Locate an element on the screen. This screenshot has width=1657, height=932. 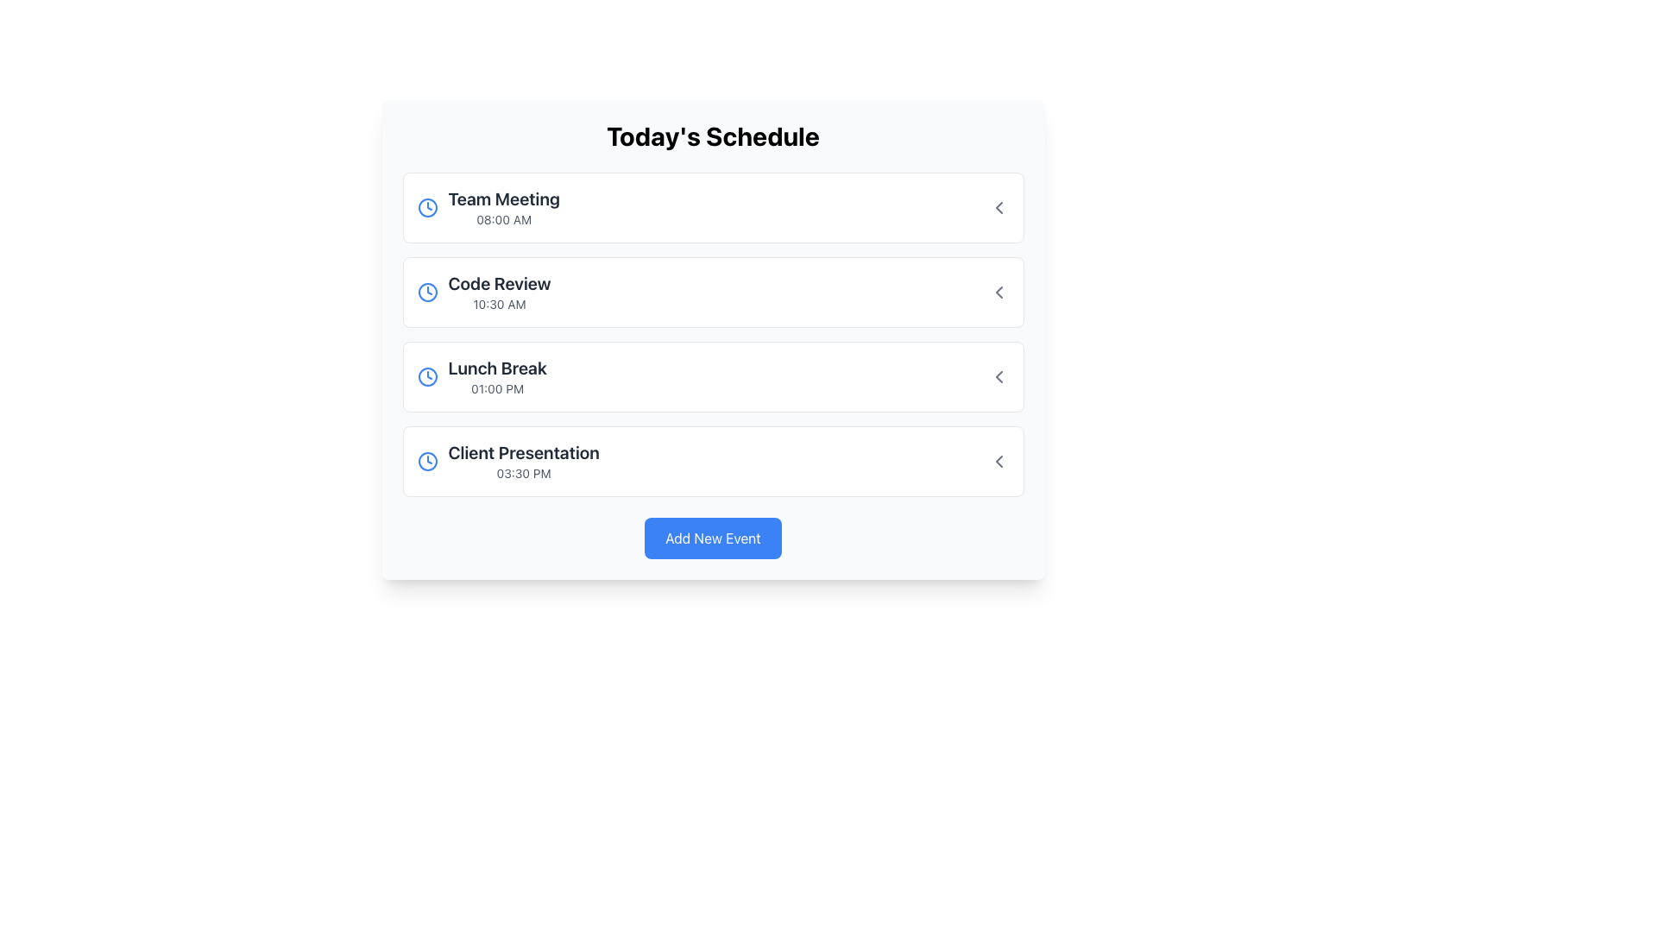
the clock icon that is part of the schedule entry for 'Code Review' at 10:30 AM, which is styled with a blue outline and located to the left of the entry text is located at coordinates (427, 292).